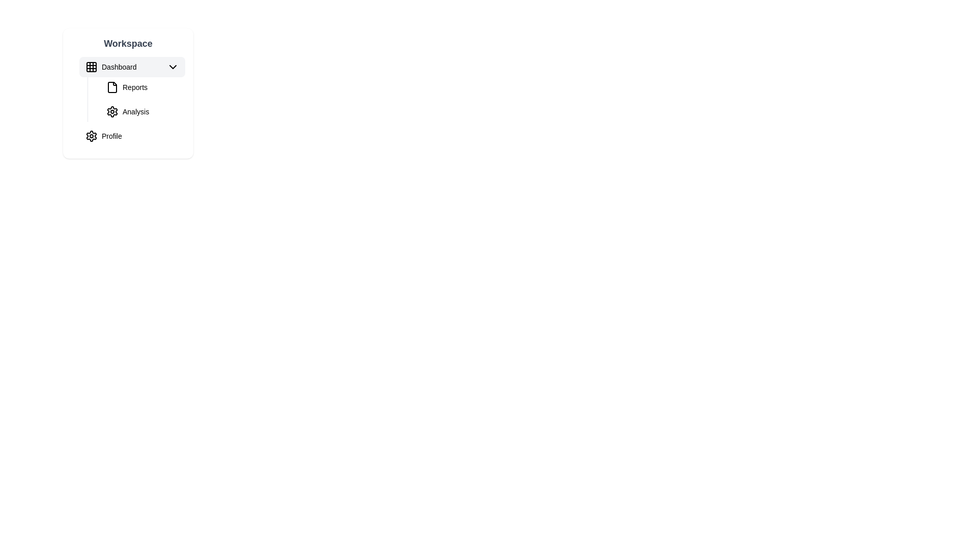  I want to click on the 'Reports' menu item located directly below the 'Dashboard' header in the vertical menu layout, so click(131, 89).